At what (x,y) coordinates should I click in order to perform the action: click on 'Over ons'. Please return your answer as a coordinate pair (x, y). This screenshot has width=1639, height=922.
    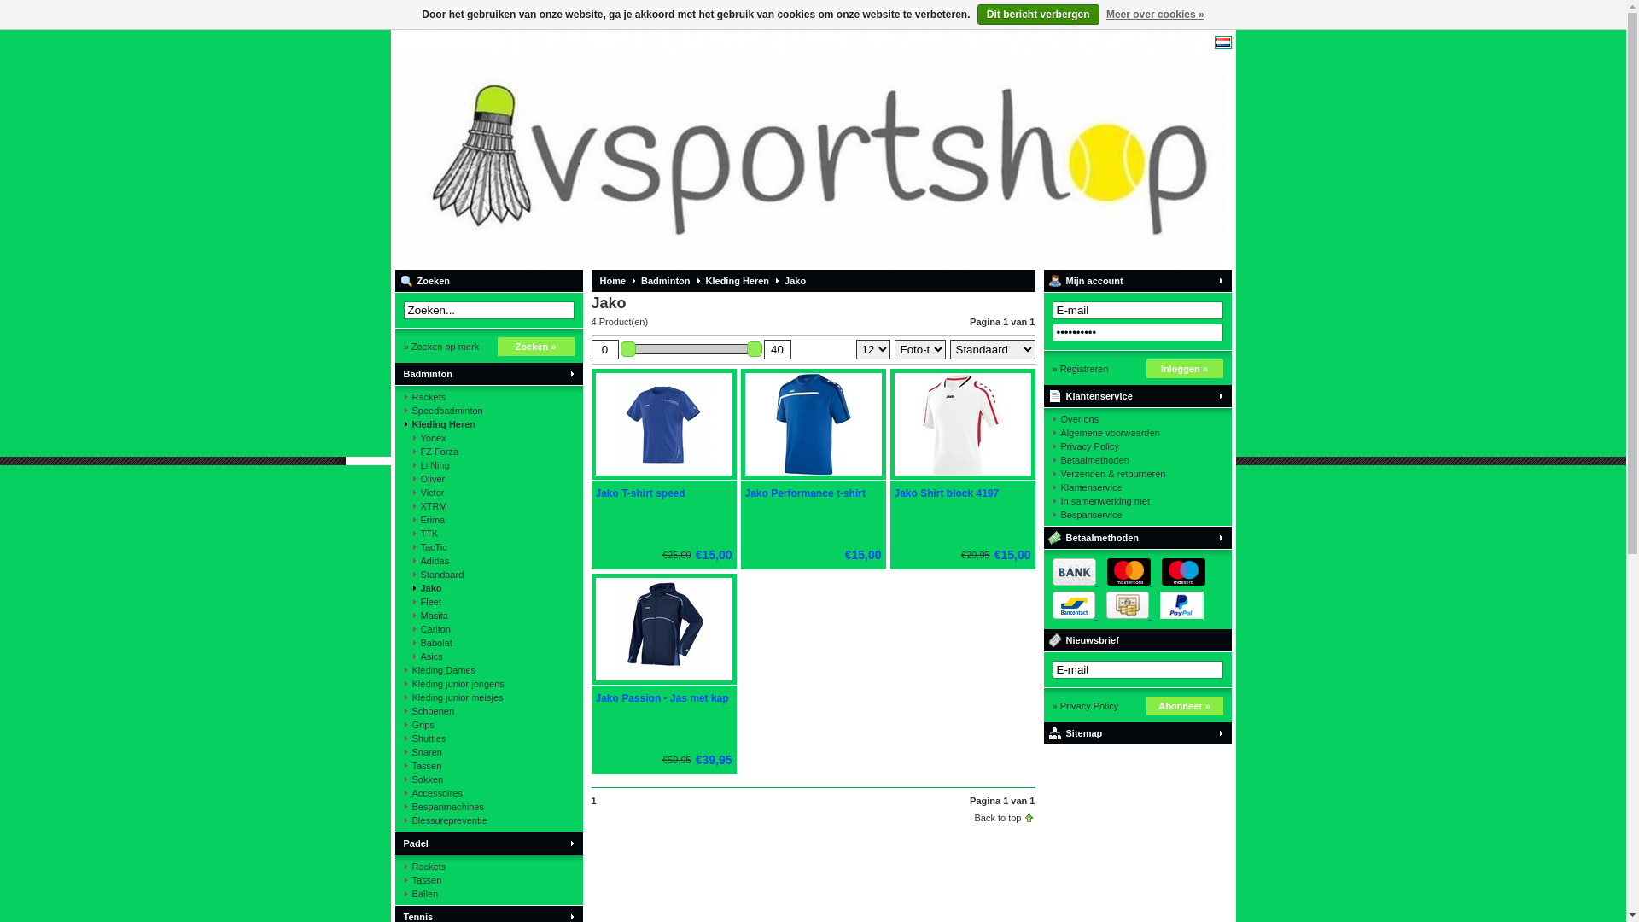
    Looking at the image, I should click on (1137, 418).